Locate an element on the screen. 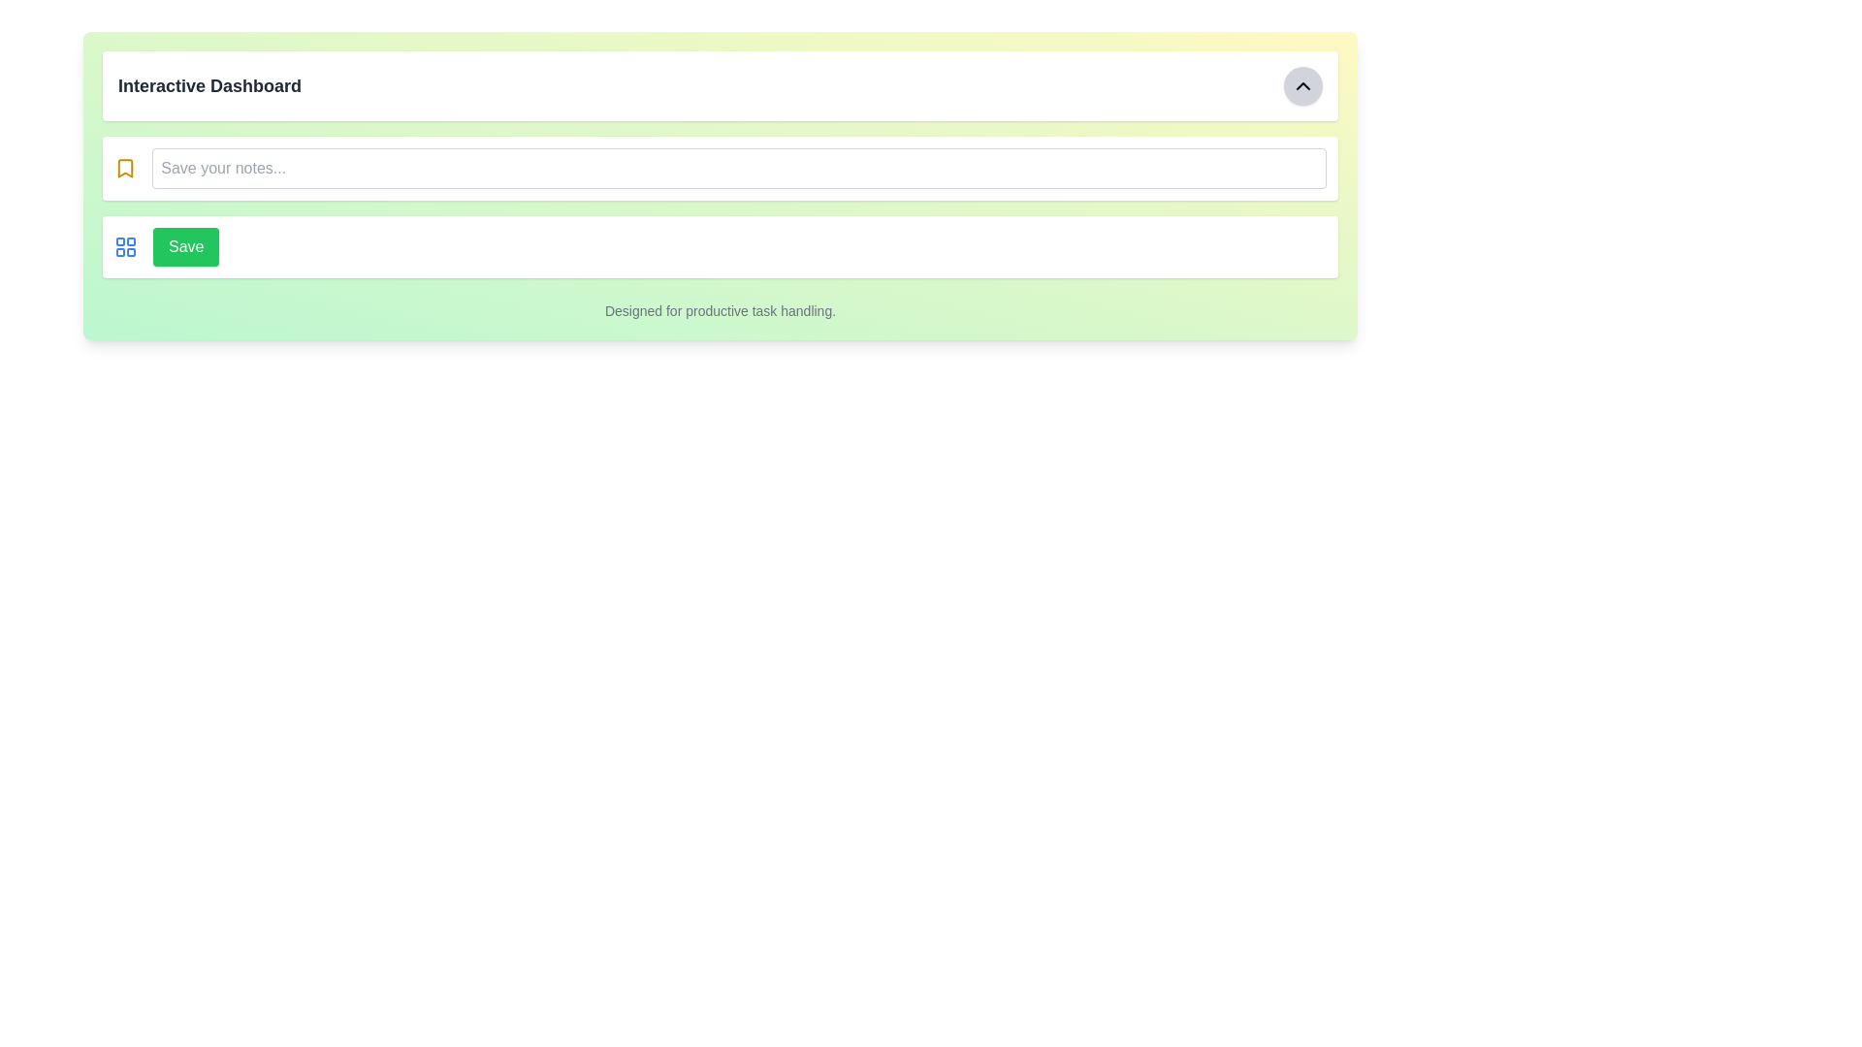 Image resolution: width=1862 pixels, height=1047 pixels. the 'Save' button with a green background and white text located to the right of a grid icon in the lower part of the dashboard interface is located at coordinates (186, 245).